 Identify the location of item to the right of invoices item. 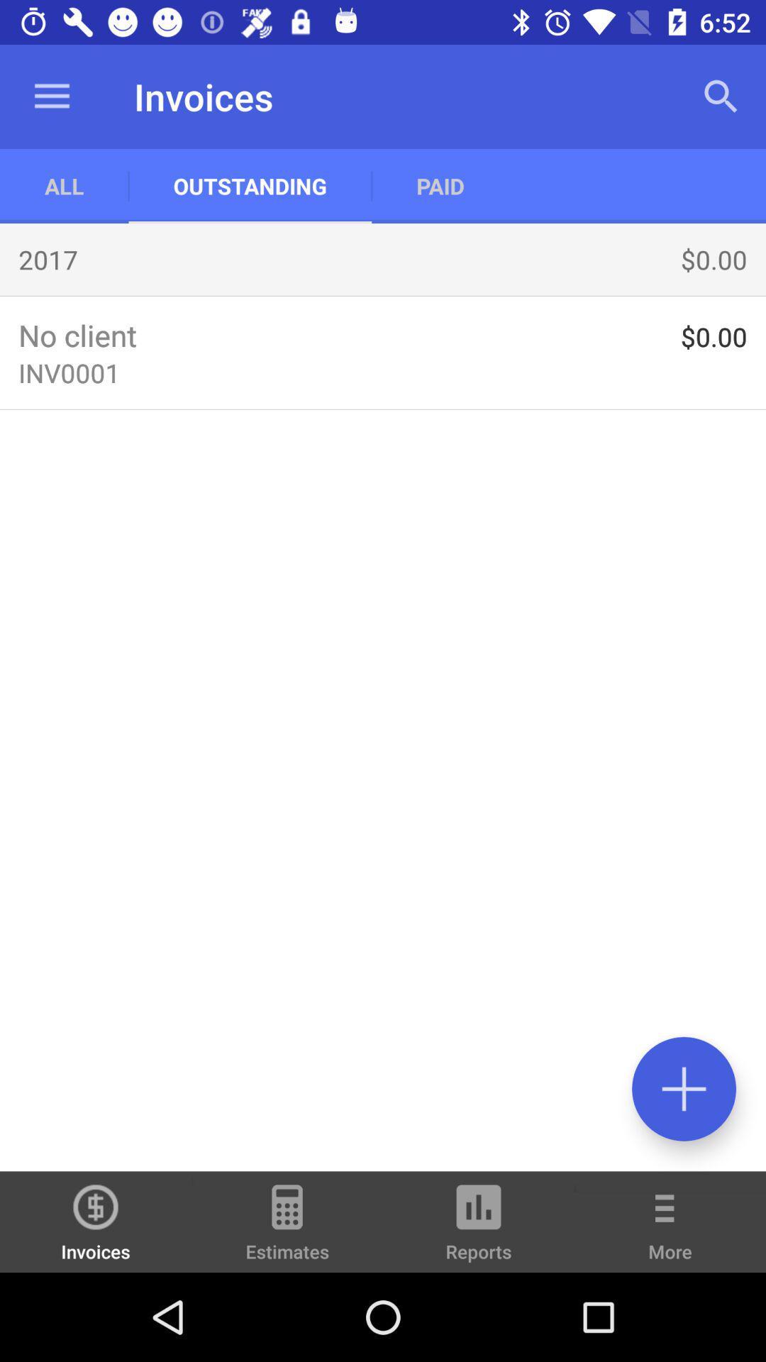
(287, 1228).